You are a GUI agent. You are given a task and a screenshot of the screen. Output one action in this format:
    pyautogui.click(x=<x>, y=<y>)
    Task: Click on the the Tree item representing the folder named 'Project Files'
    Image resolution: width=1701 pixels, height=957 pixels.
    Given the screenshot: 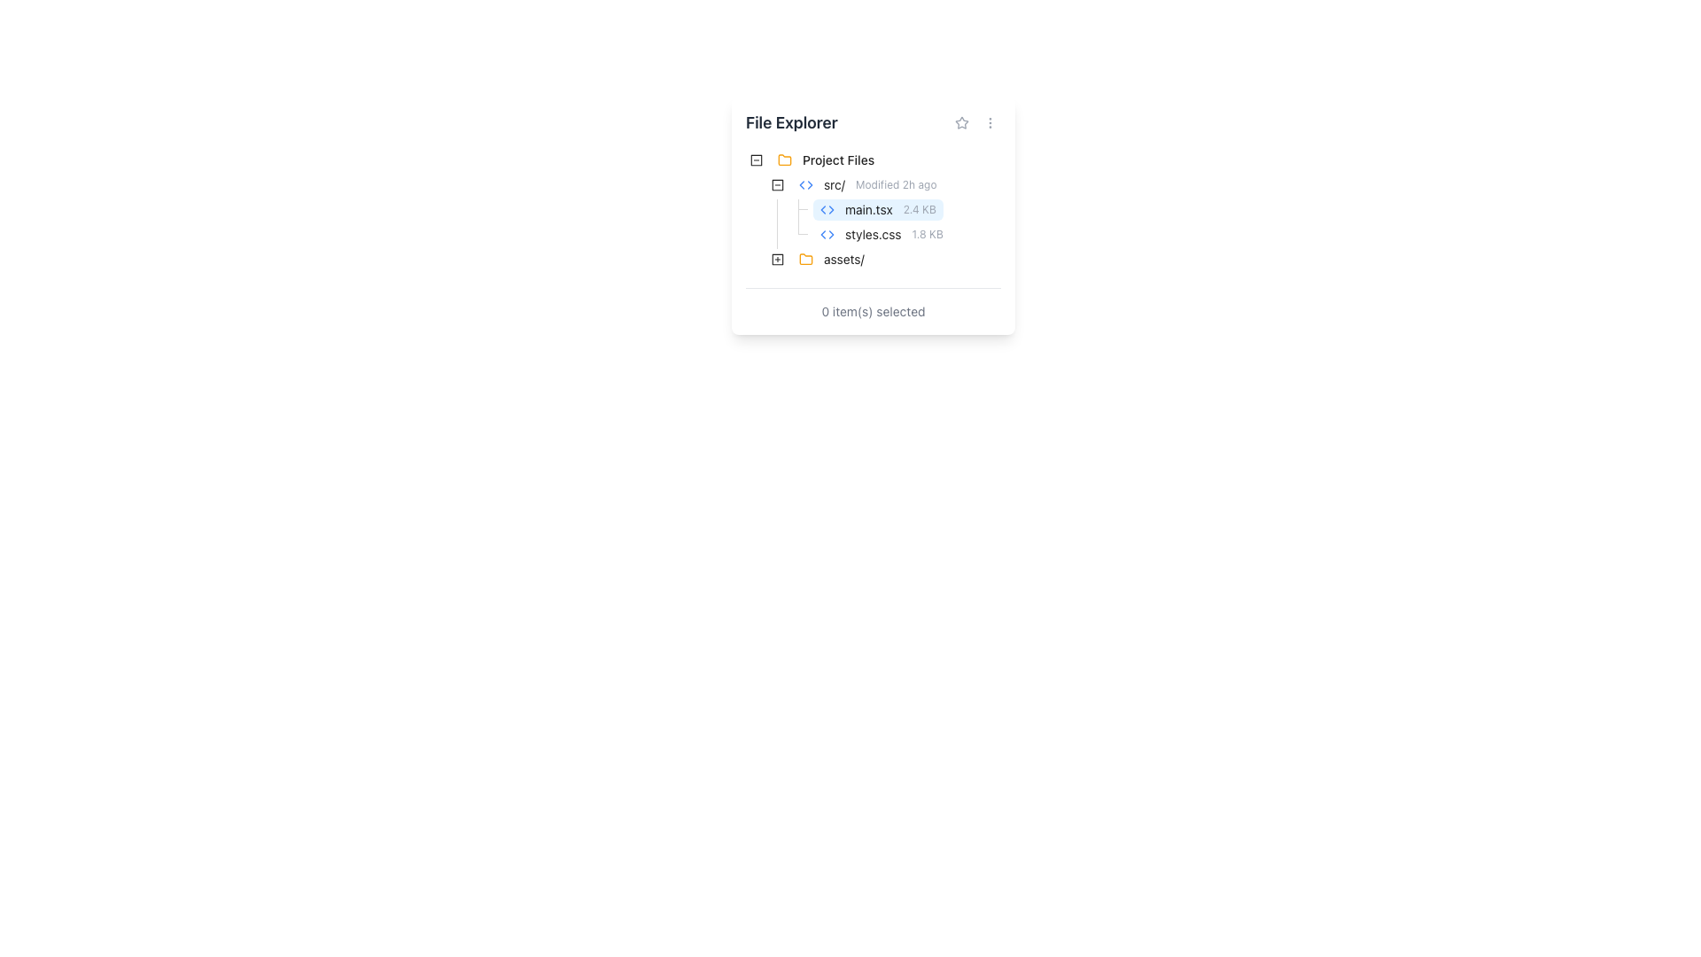 What is the action you would take?
    pyautogui.click(x=819, y=160)
    